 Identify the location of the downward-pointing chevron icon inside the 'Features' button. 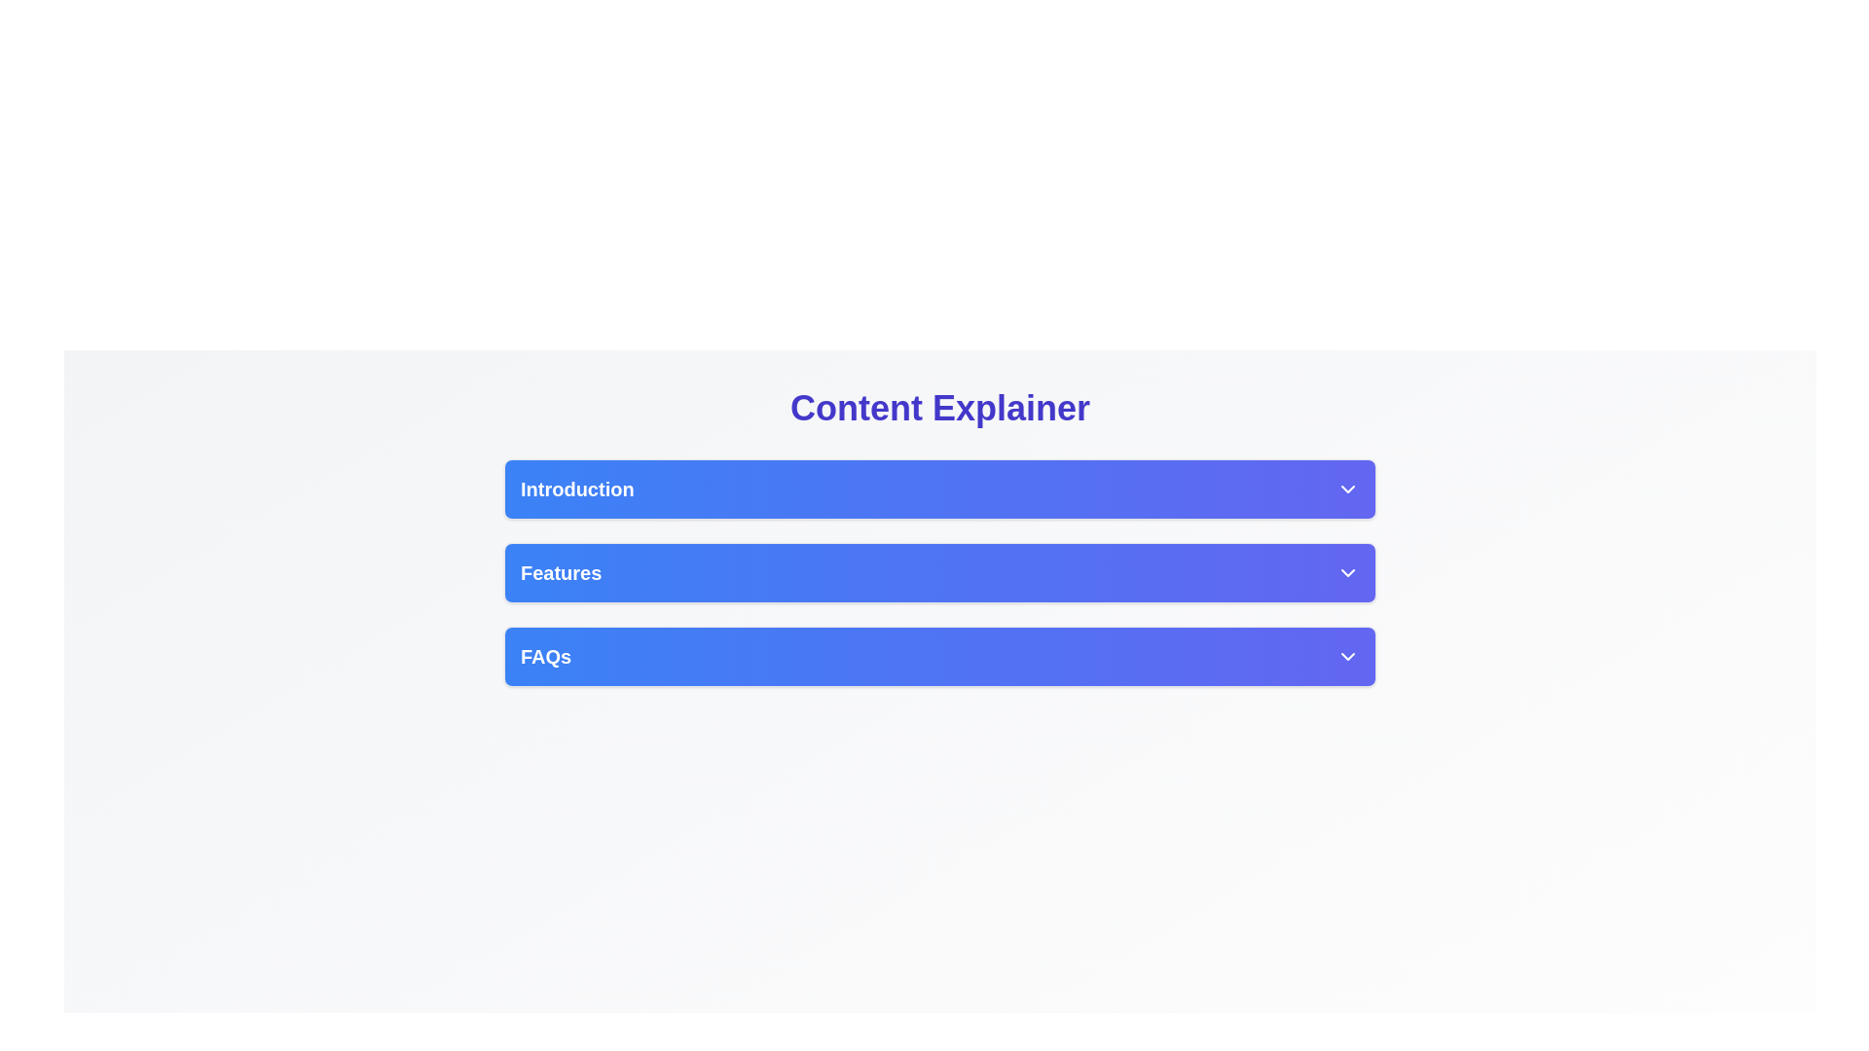
(1347, 572).